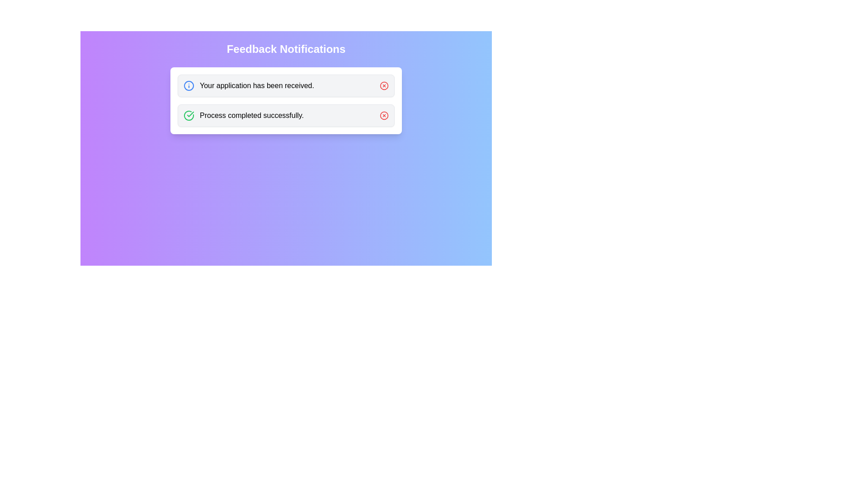 The image size is (868, 488). What do you see at coordinates (188, 115) in the screenshot?
I see `the circular icon with a green checkmark inside, located to the left of the text 'Process completed successfully.' in the second notification entry under 'Feedback Notifications'` at bounding box center [188, 115].